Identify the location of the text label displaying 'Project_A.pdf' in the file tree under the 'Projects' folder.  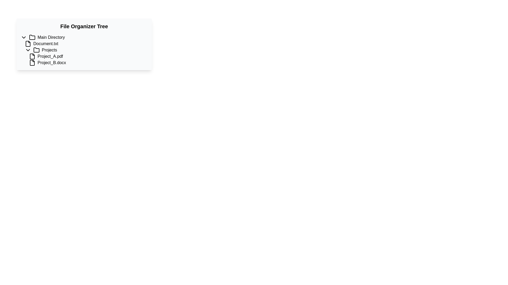
(50, 56).